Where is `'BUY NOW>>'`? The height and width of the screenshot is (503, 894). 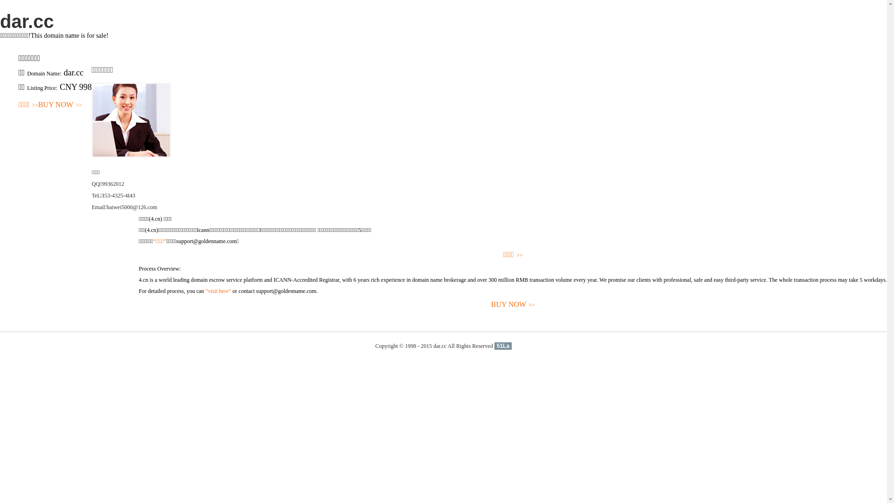
'BUY NOW>>' is located at coordinates (37, 105).